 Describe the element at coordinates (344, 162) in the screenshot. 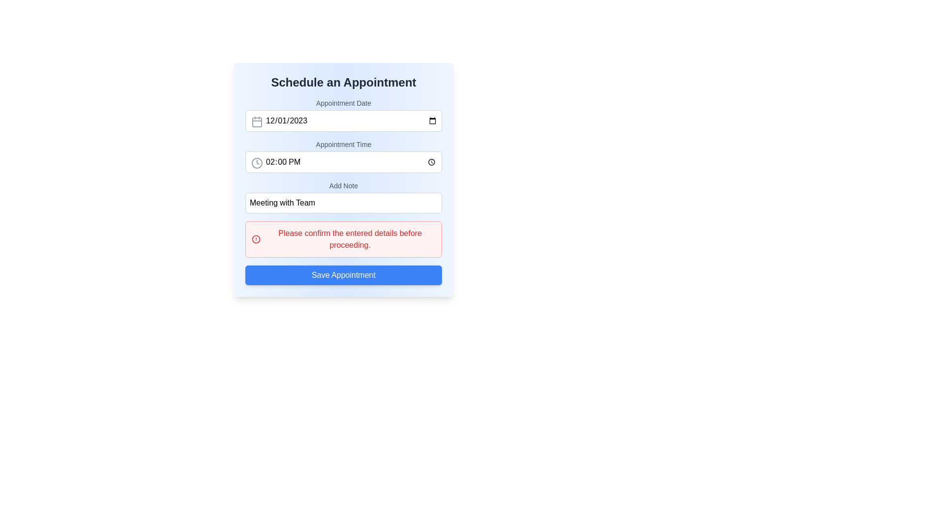

I see `a time from the dropdown or modal presented in the Time input field located in the 'Appointment Time' section, which is directly underneath its header` at that location.